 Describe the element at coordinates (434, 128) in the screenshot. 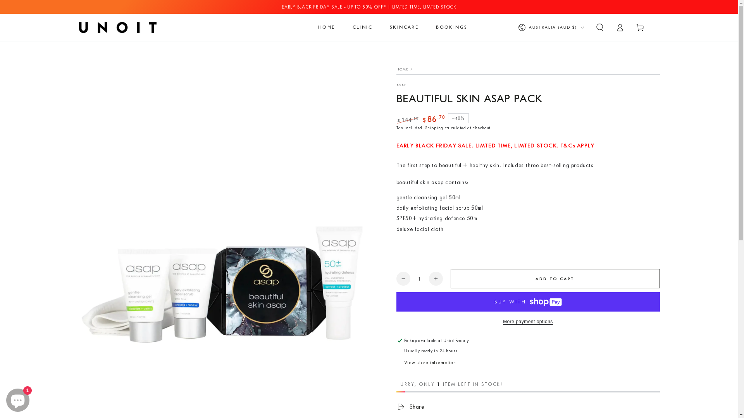

I see `'Shipping'` at that location.